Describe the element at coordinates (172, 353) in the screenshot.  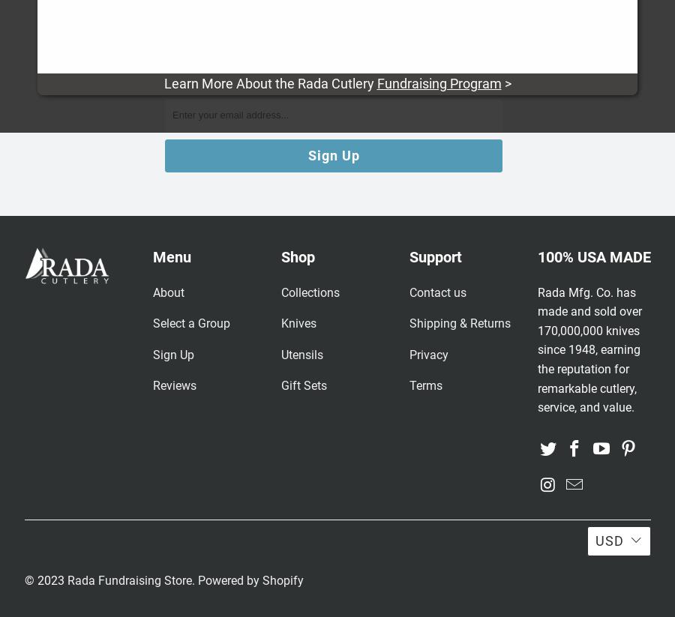
I see `'Sign Up'` at that location.